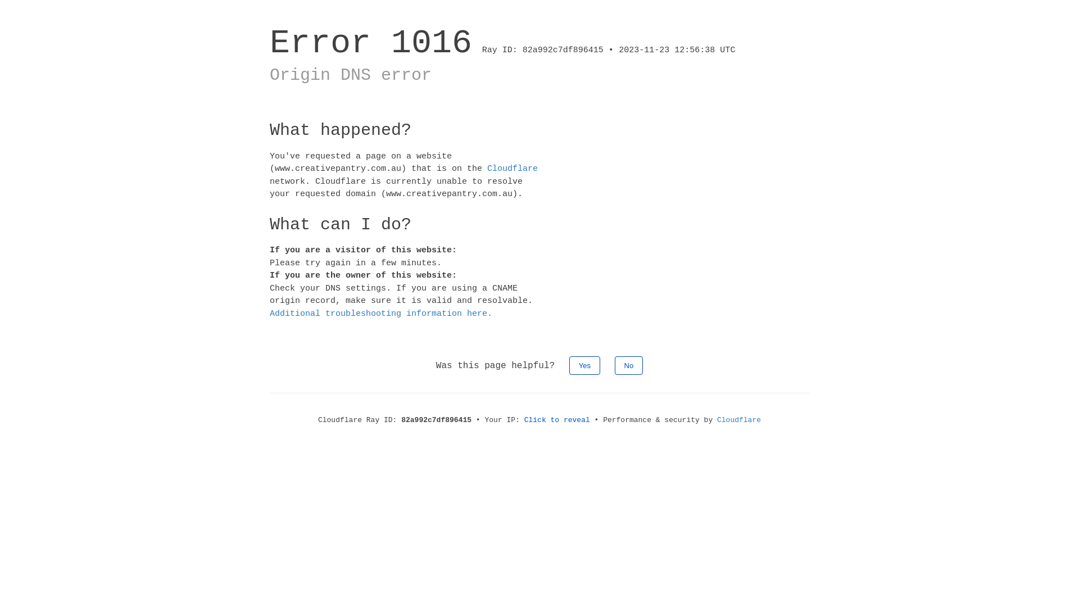 This screenshot has height=607, width=1079. What do you see at coordinates (628, 365) in the screenshot?
I see `'No'` at bounding box center [628, 365].